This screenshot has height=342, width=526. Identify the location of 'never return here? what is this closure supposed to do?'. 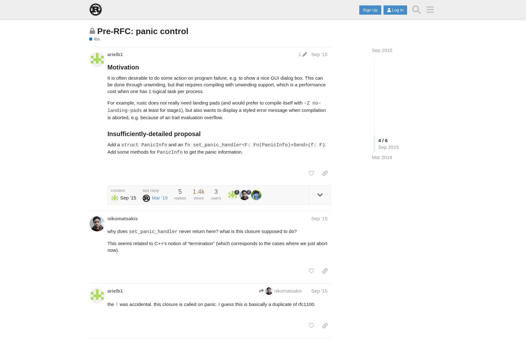
(237, 230).